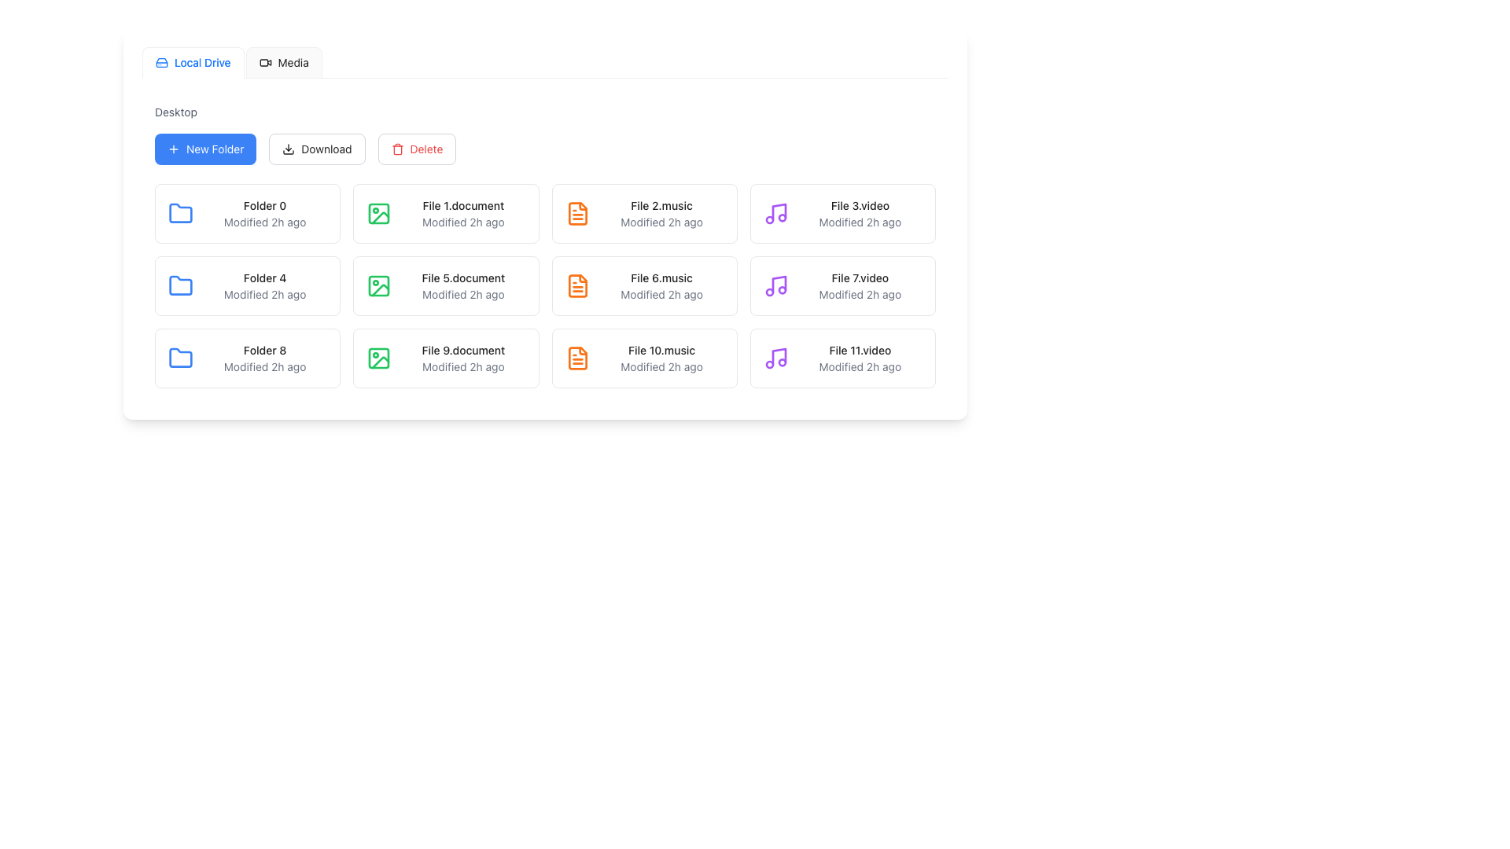  I want to click on the text label that provides the last modification timestamp for the 'File 7.video' entry, positioned below the file name and icon within its grid cell, so click(859, 294).